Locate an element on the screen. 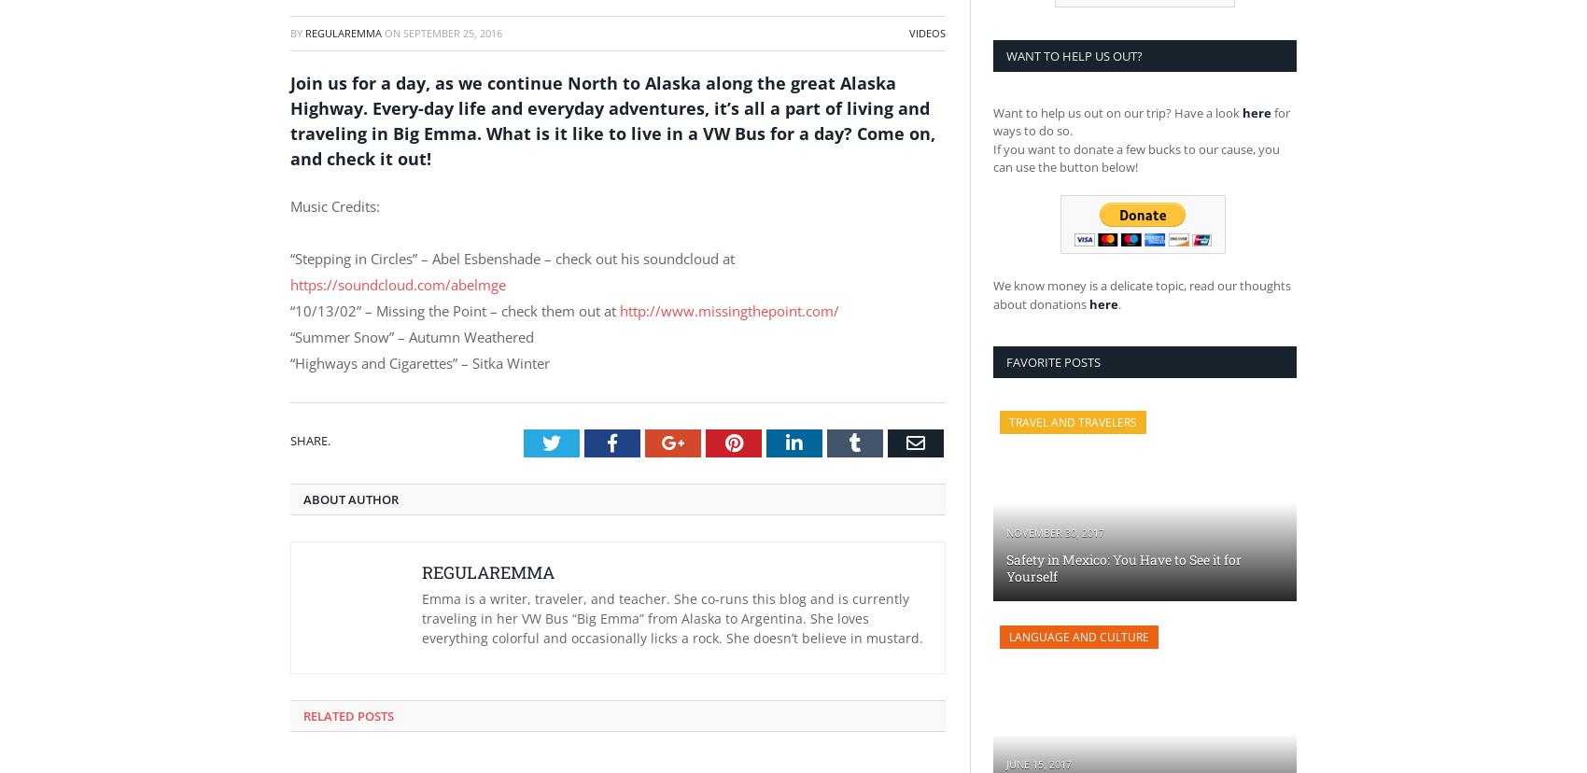  '.' is located at coordinates (1117, 302).